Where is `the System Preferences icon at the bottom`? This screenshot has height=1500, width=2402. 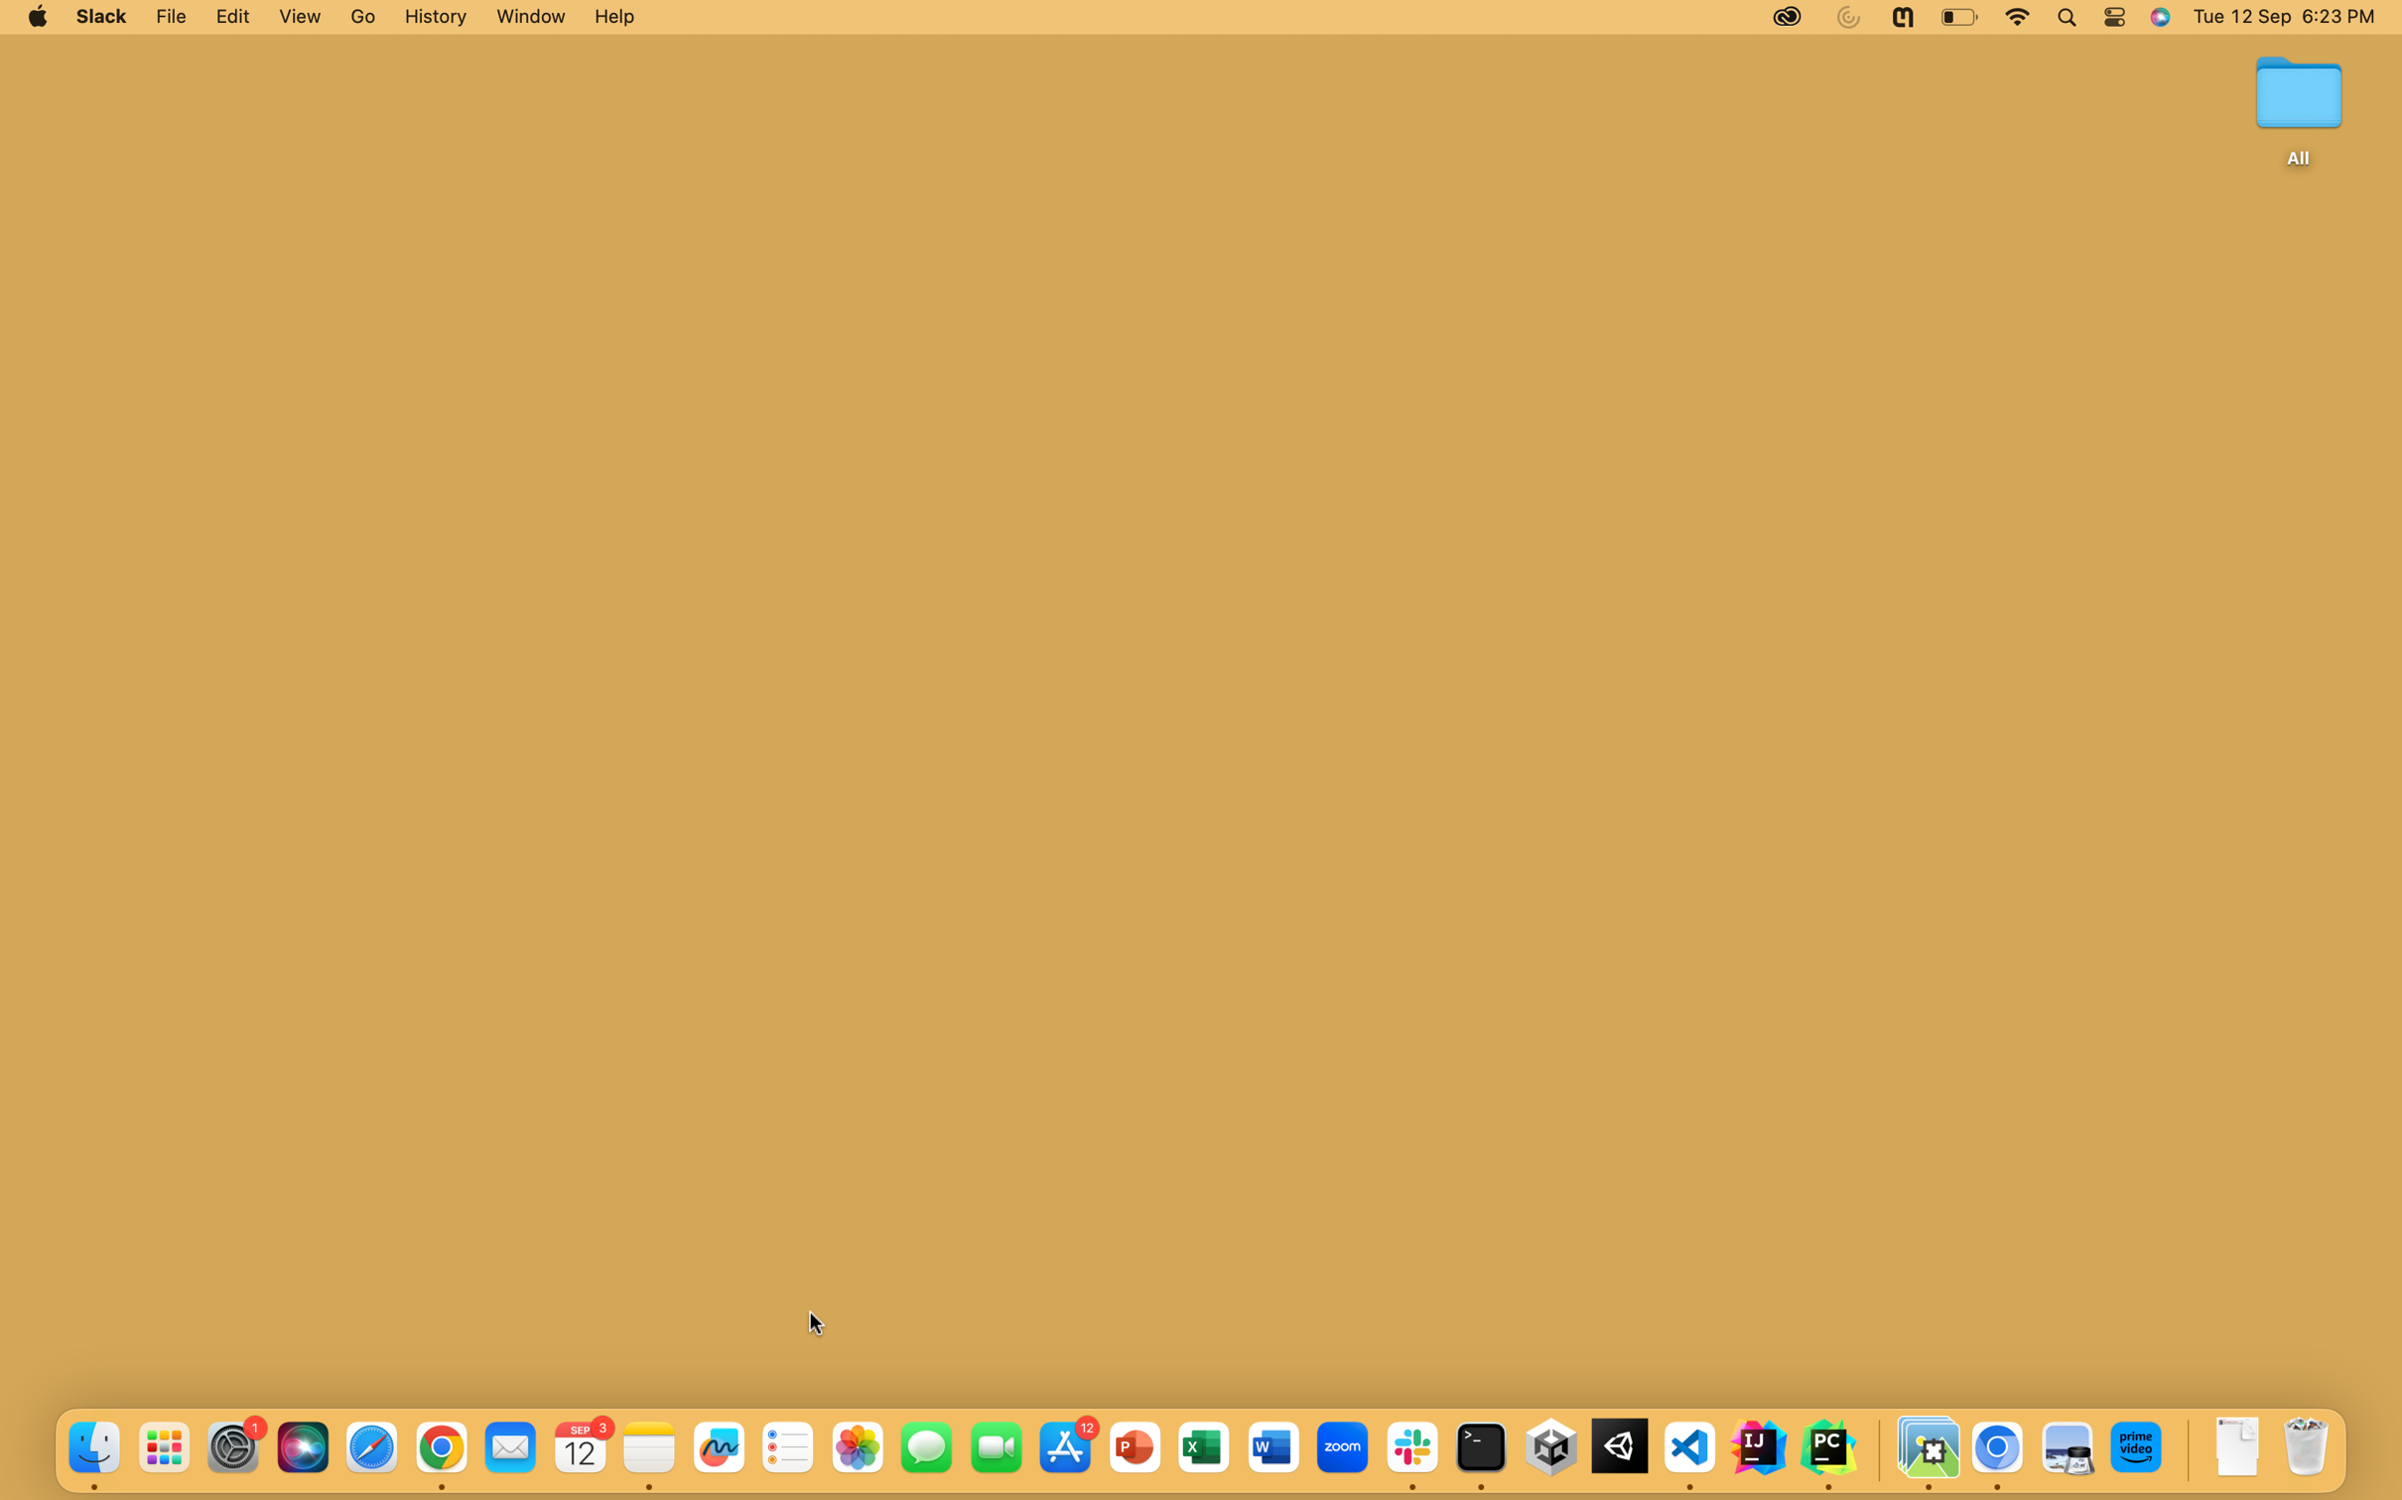
the System Preferences icon at the bottom is located at coordinates (232, 1447).